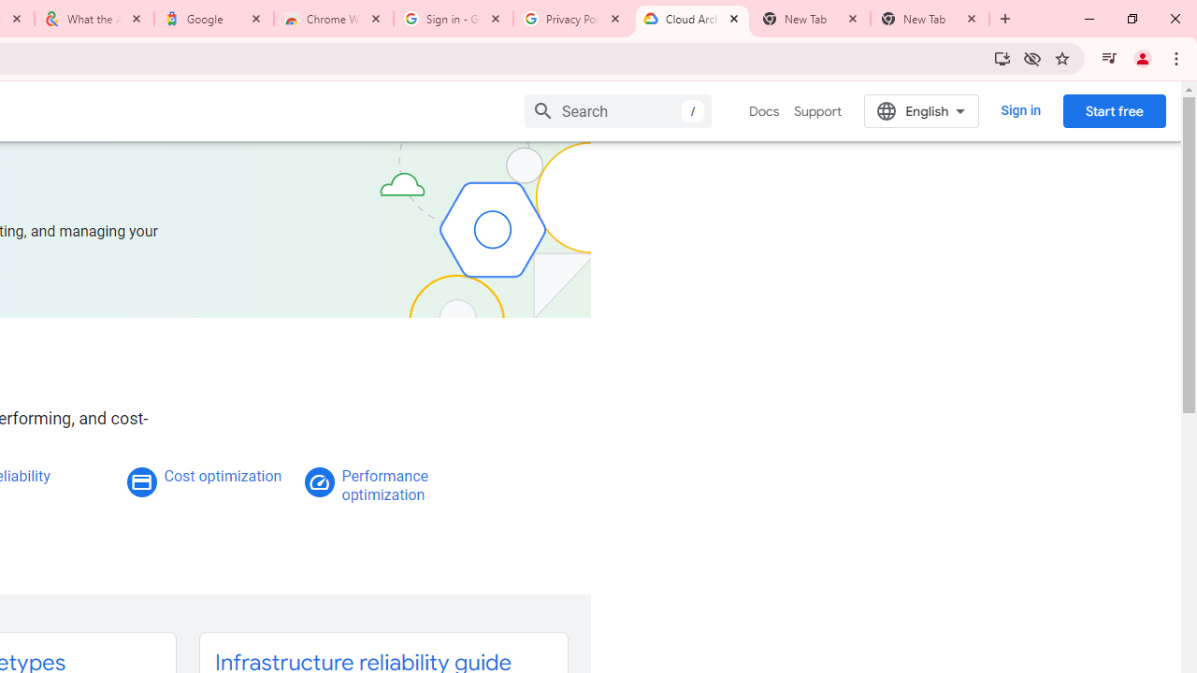 The image size is (1197, 673). What do you see at coordinates (214, 19) in the screenshot?
I see `'Google'` at bounding box center [214, 19].